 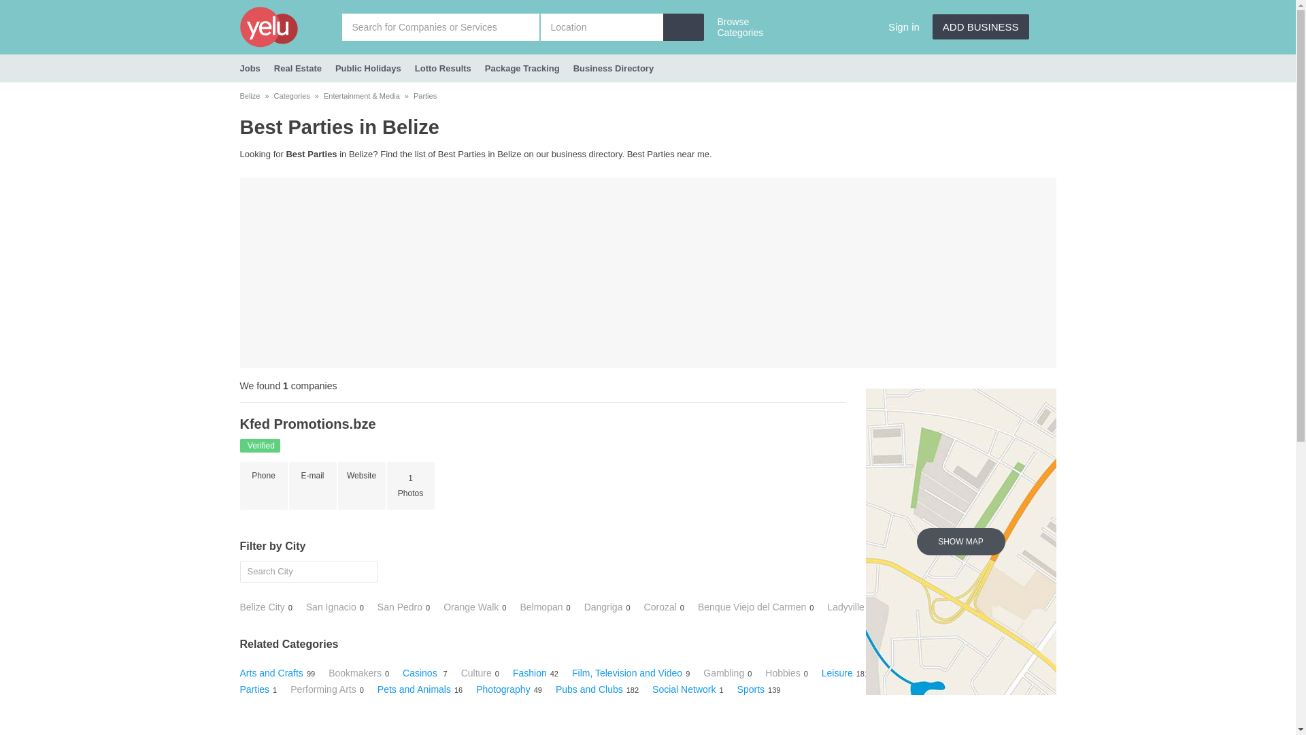 What do you see at coordinates (626, 672) in the screenshot?
I see `'Film, Television and Video'` at bounding box center [626, 672].